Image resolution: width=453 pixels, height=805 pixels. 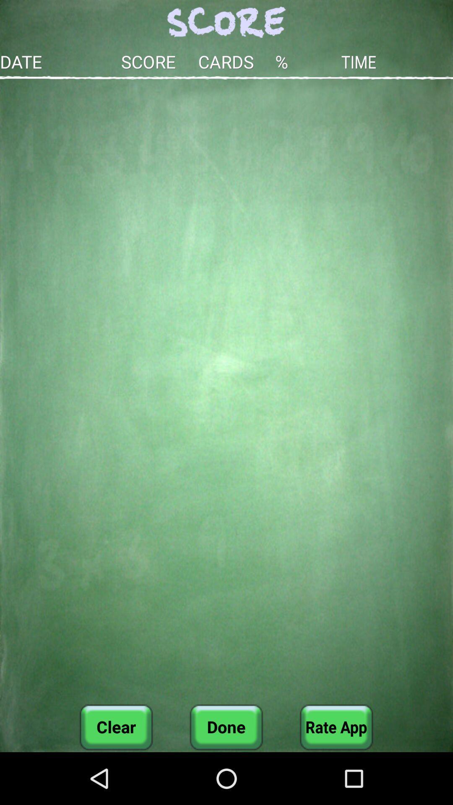 What do you see at coordinates (226, 727) in the screenshot?
I see `button to the right of the clear item` at bounding box center [226, 727].